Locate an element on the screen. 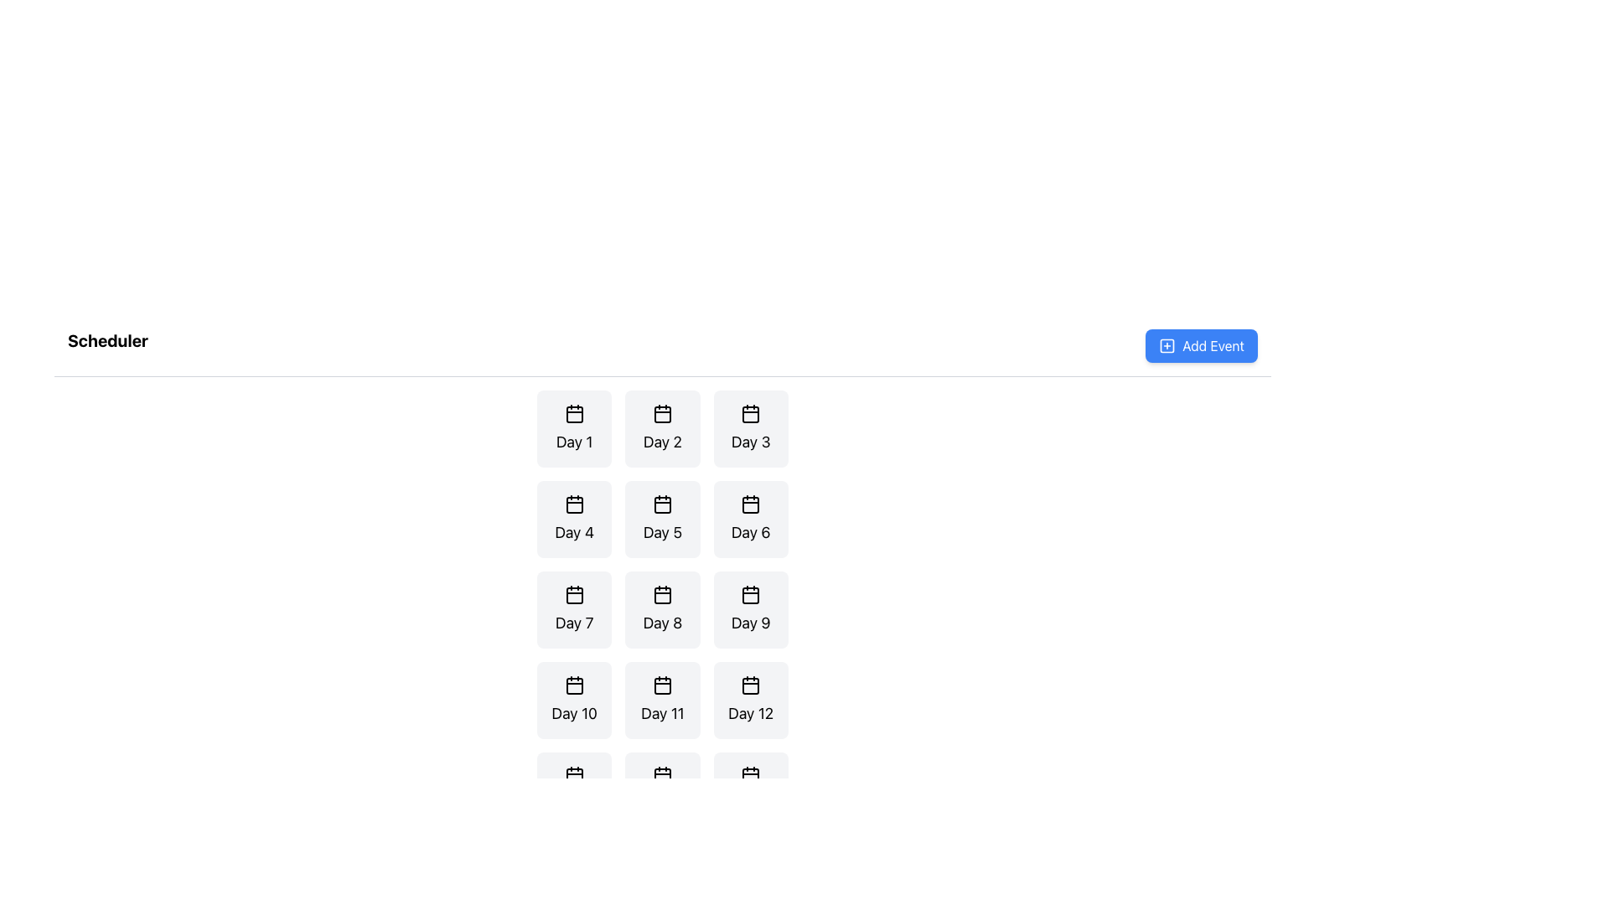 This screenshot has width=1609, height=905. the decorative calendar icon located at the center of the Day 8 tile in the calendar grid is located at coordinates (662, 594).